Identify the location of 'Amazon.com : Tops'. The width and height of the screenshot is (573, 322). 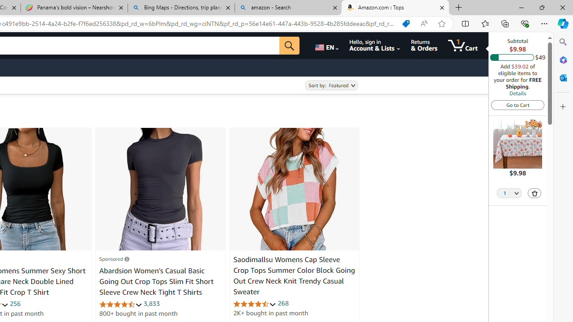
(395, 8).